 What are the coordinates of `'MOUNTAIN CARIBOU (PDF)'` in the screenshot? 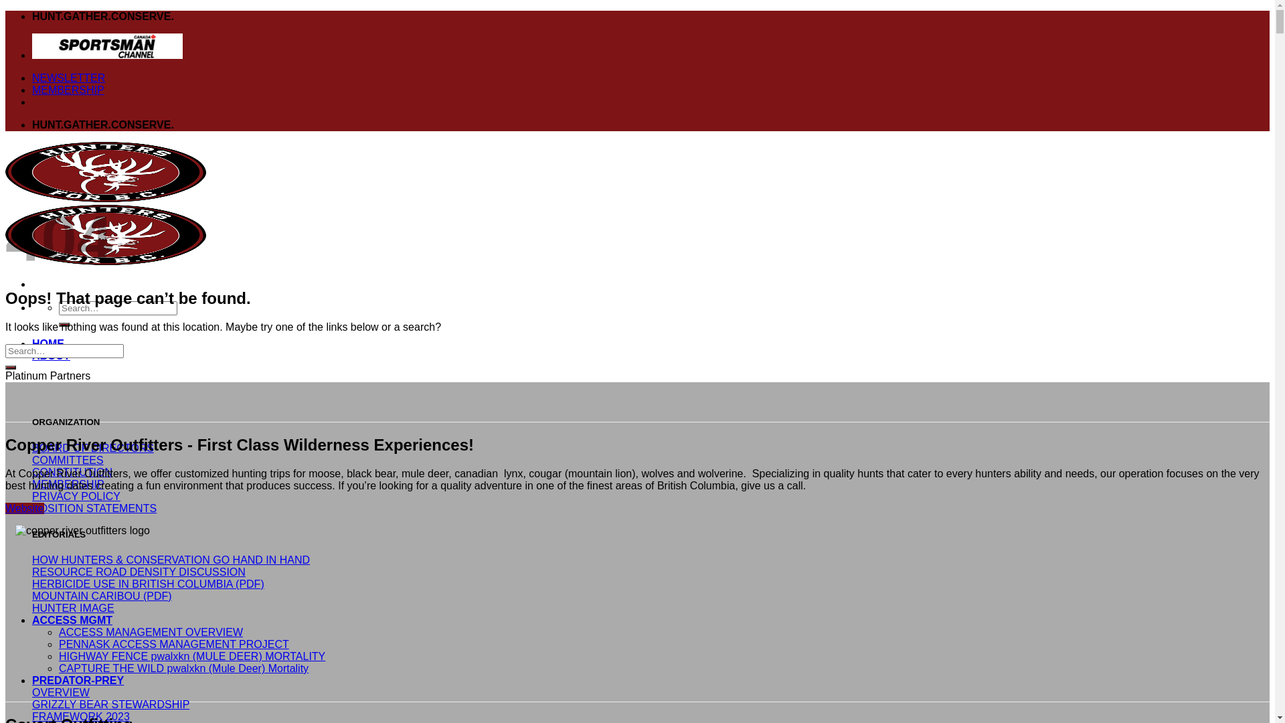 It's located at (32, 595).